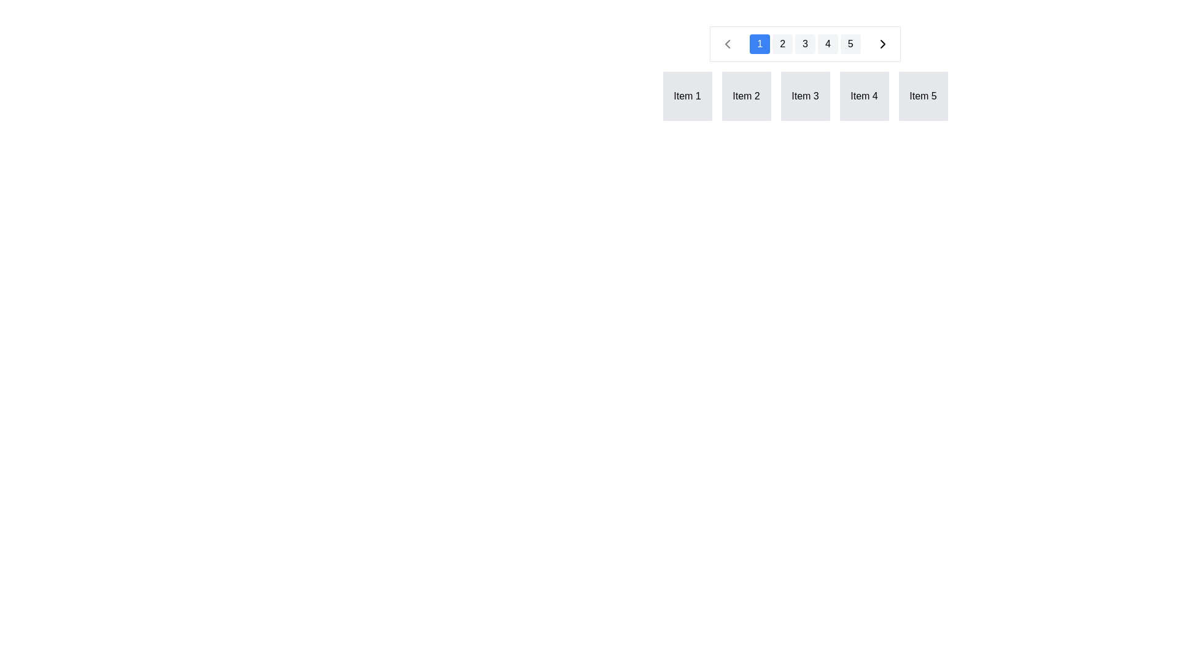 This screenshot has width=1179, height=663. What do you see at coordinates (850, 44) in the screenshot?
I see `the fifth navigation button located in the top-center of the UI` at bounding box center [850, 44].